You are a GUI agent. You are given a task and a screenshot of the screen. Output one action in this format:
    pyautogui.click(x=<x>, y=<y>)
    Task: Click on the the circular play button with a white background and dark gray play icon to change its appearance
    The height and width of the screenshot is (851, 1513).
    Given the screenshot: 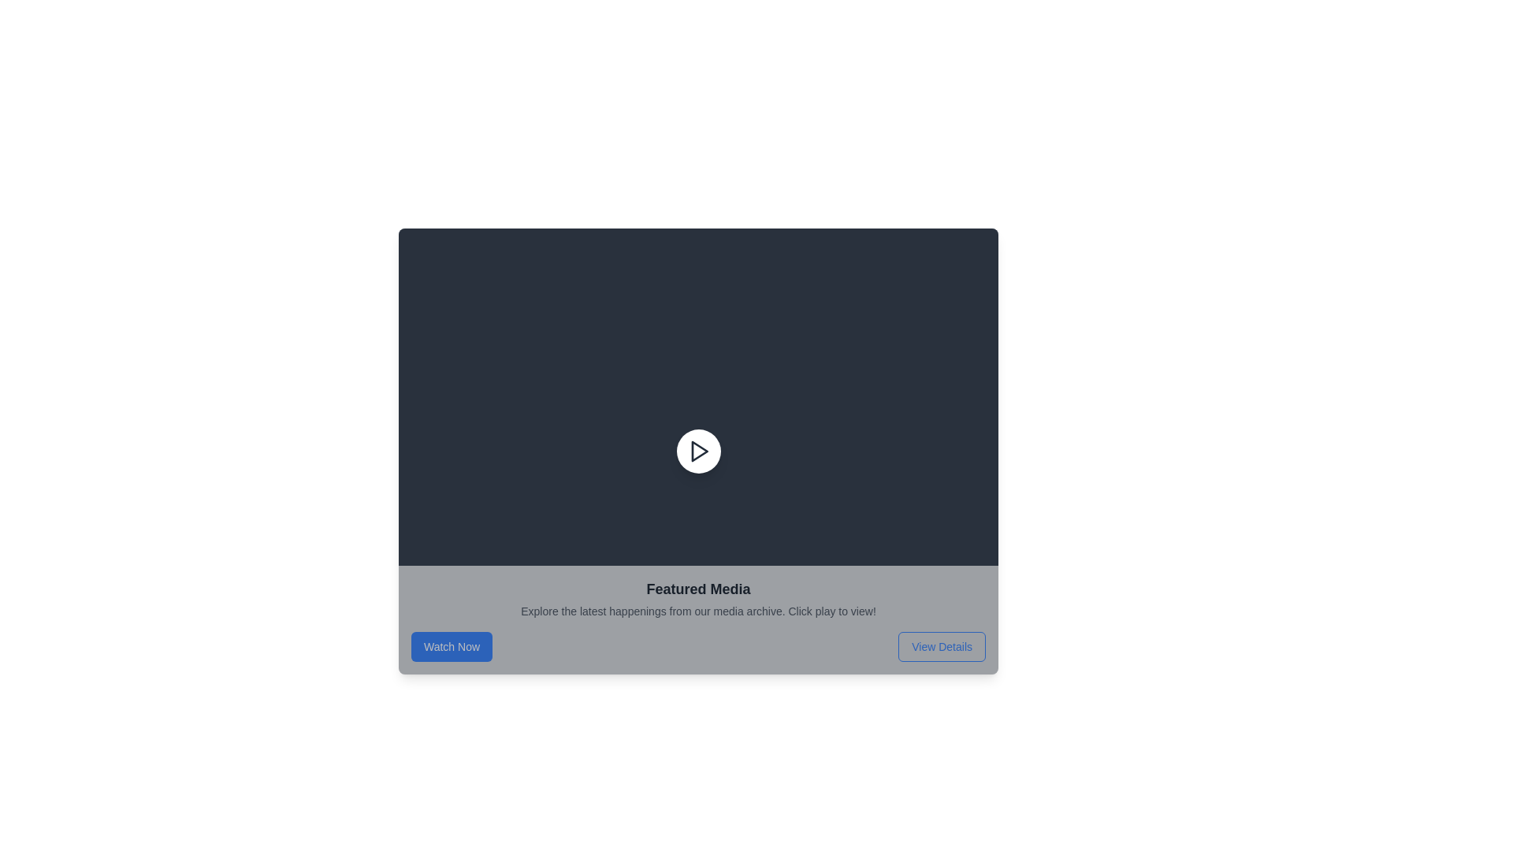 What is the action you would take?
    pyautogui.click(x=697, y=452)
    